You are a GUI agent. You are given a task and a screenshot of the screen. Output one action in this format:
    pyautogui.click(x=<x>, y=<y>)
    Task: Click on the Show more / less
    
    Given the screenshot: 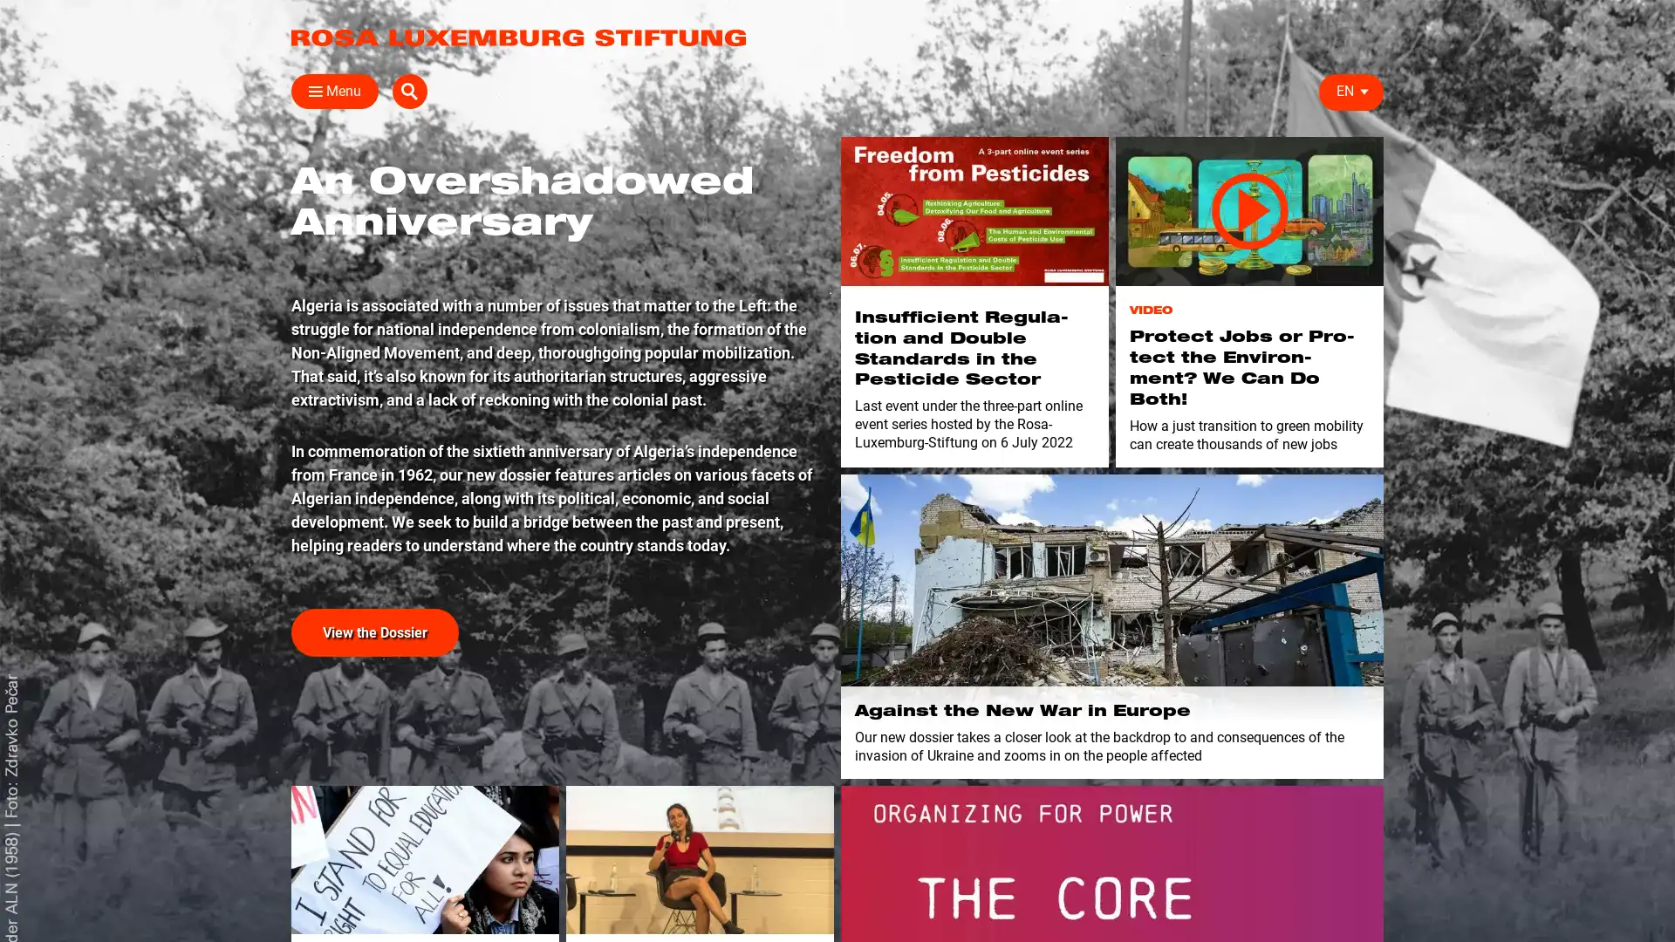 What is the action you would take?
    pyautogui.click(x=1005, y=317)
    